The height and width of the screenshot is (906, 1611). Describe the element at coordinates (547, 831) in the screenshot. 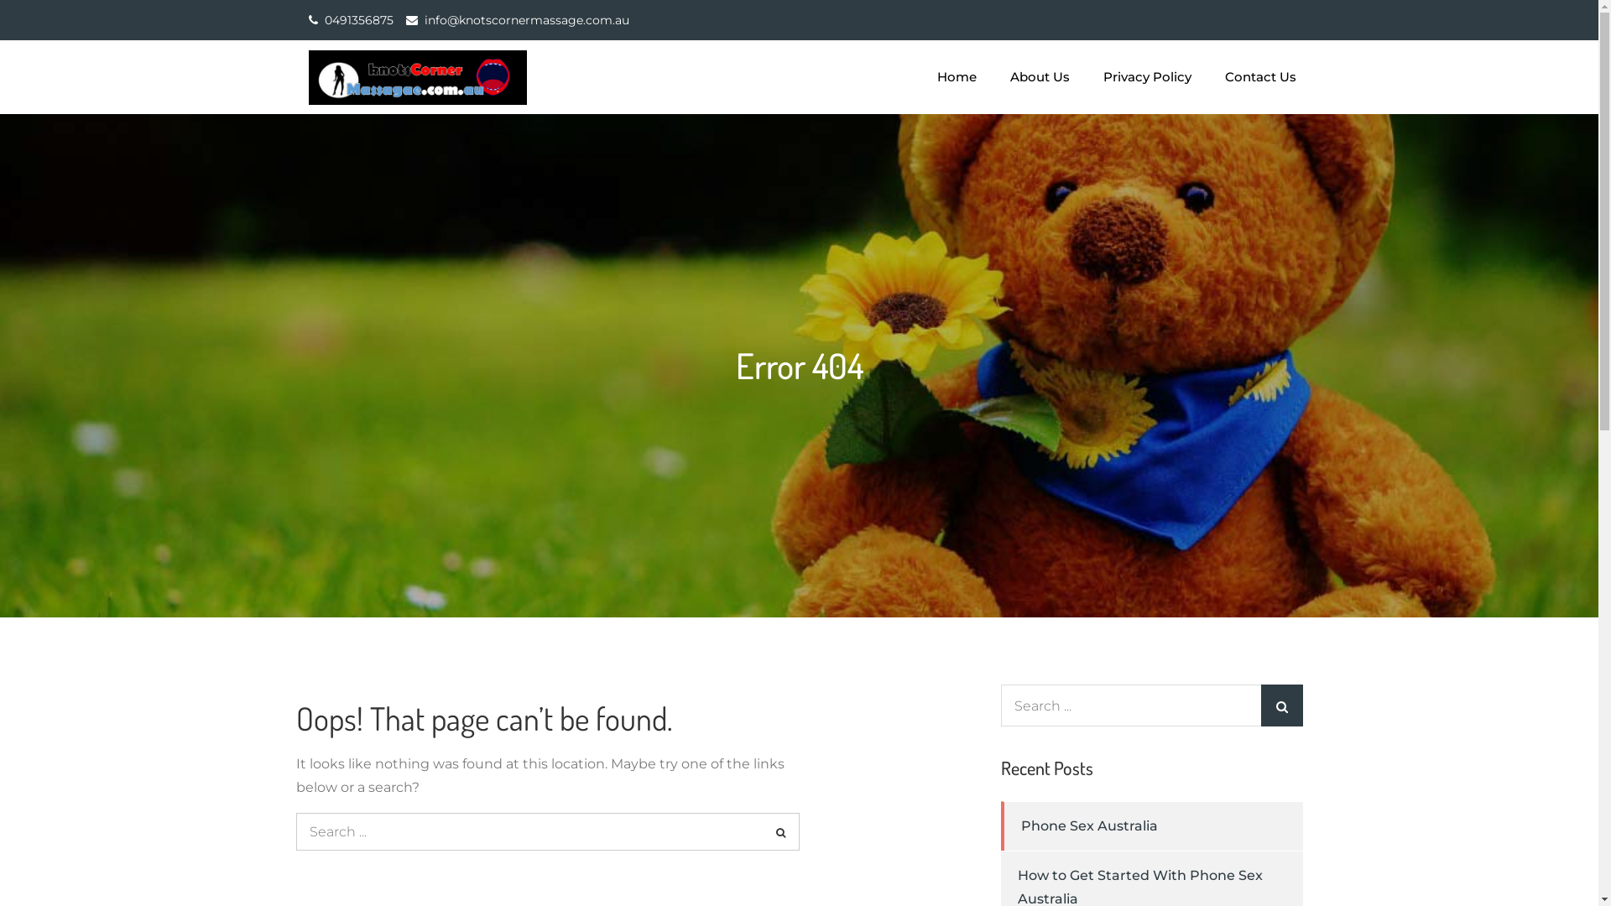

I see `'Search for:'` at that location.